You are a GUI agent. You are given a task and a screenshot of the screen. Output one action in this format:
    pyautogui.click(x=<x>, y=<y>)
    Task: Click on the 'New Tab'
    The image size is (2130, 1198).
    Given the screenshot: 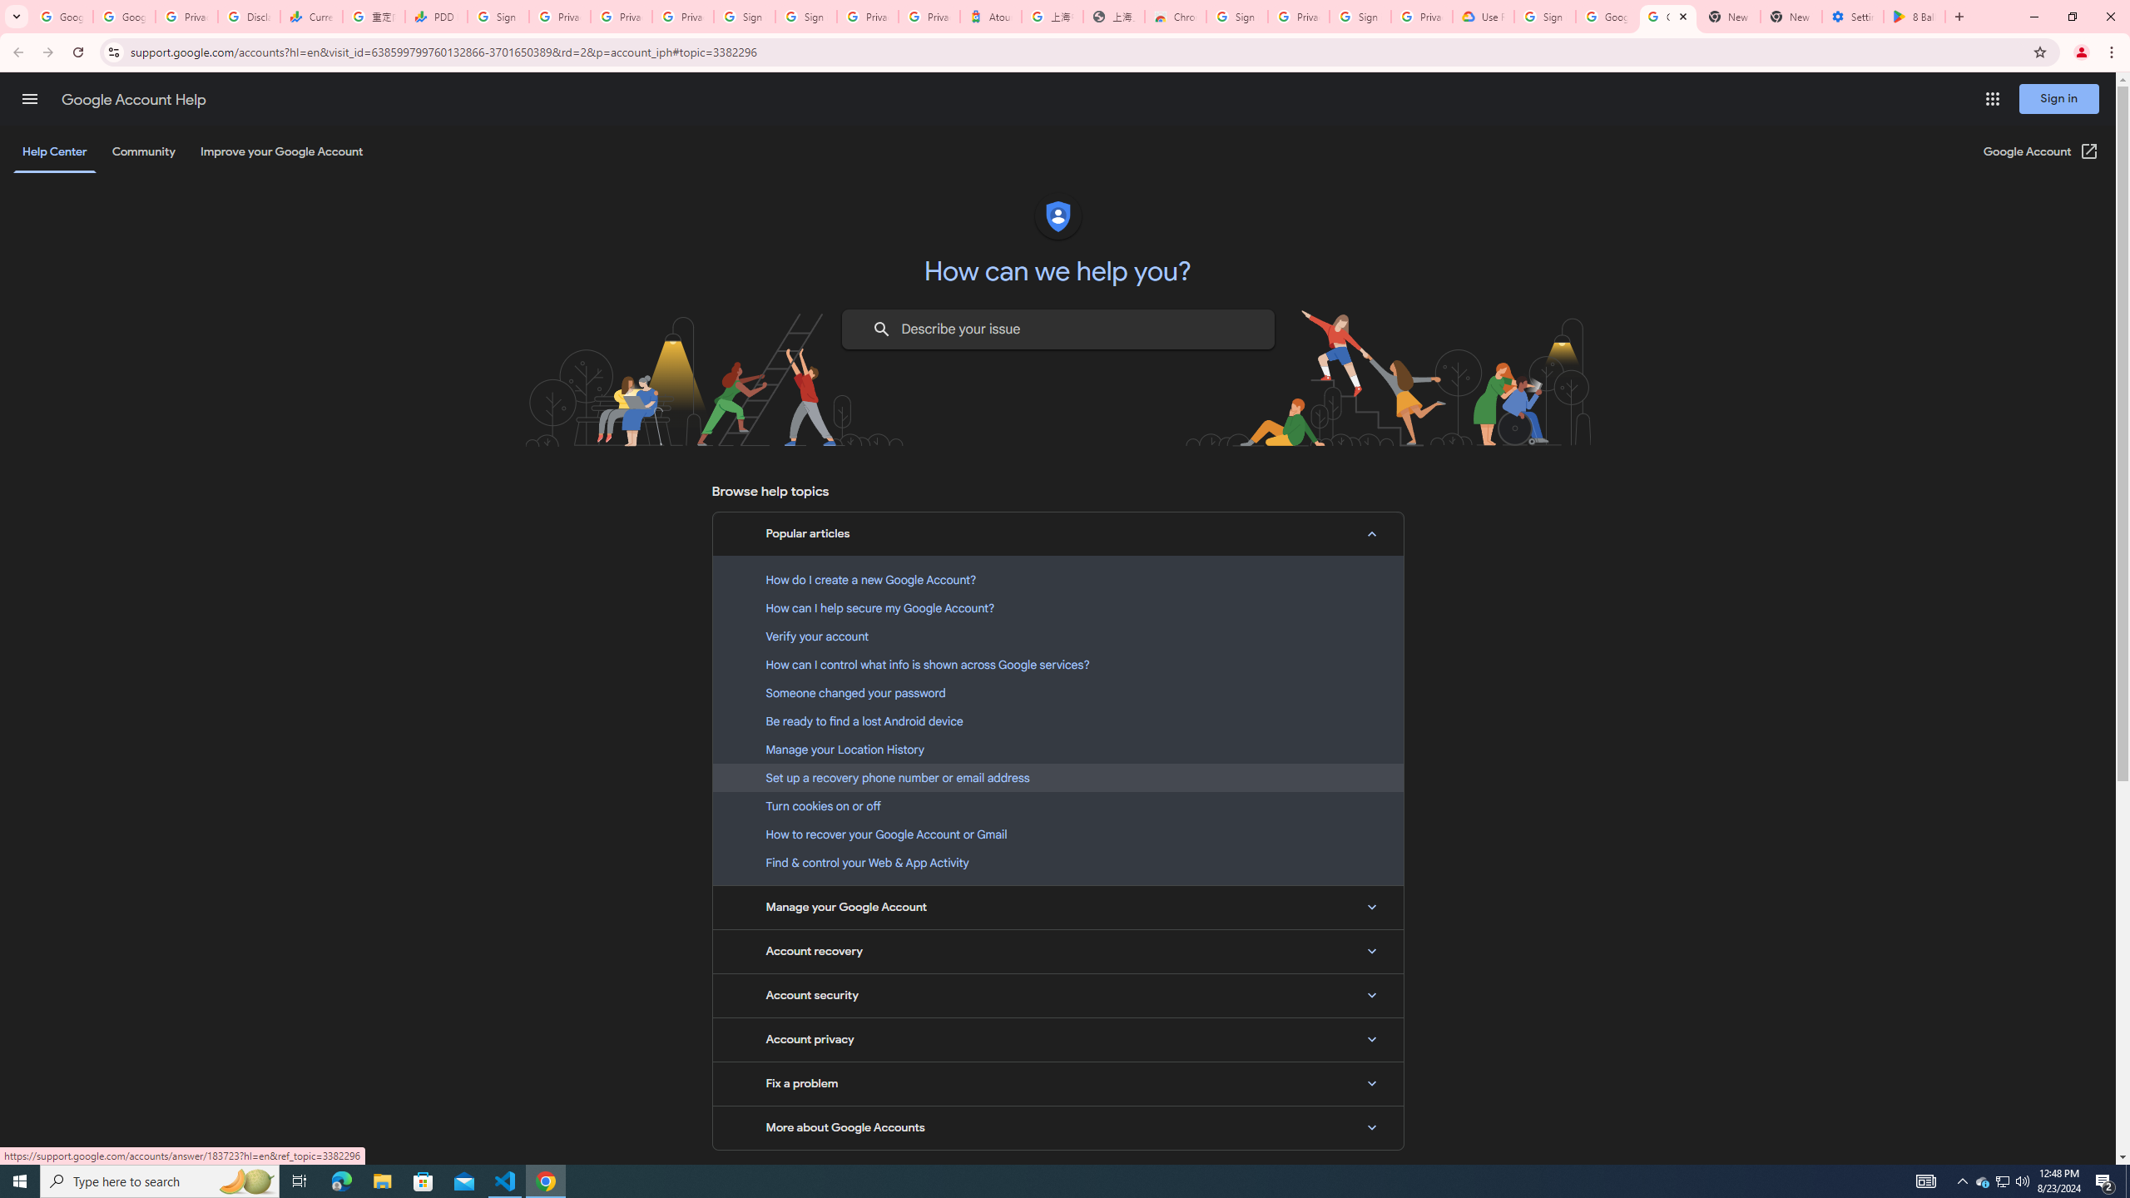 What is the action you would take?
    pyautogui.click(x=1791, y=16)
    